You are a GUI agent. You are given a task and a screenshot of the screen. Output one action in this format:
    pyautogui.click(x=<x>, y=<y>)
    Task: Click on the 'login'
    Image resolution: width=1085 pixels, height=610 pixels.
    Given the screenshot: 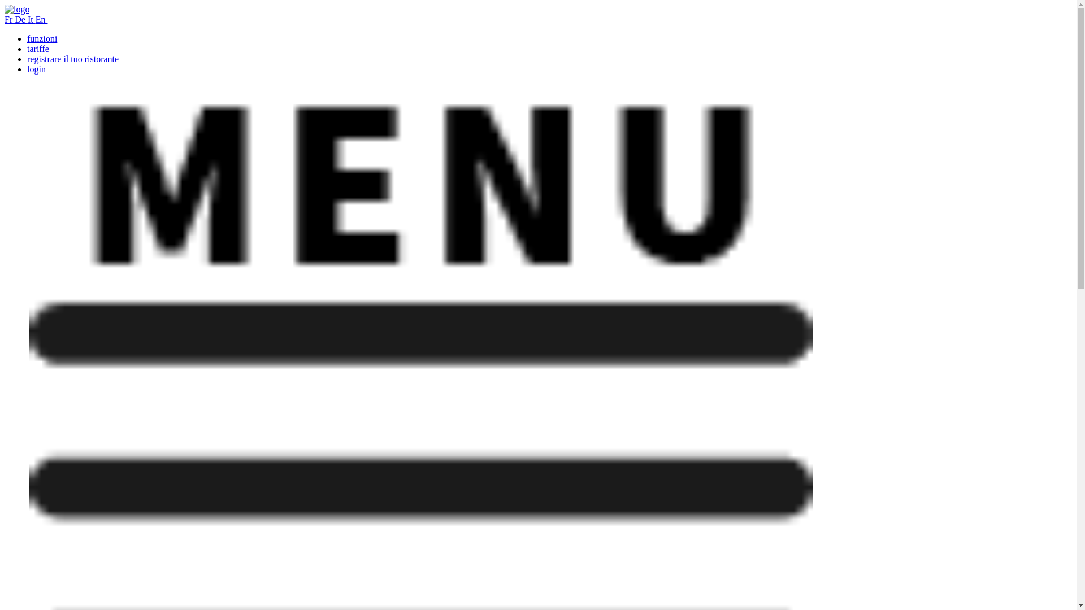 What is the action you would take?
    pyautogui.click(x=36, y=69)
    